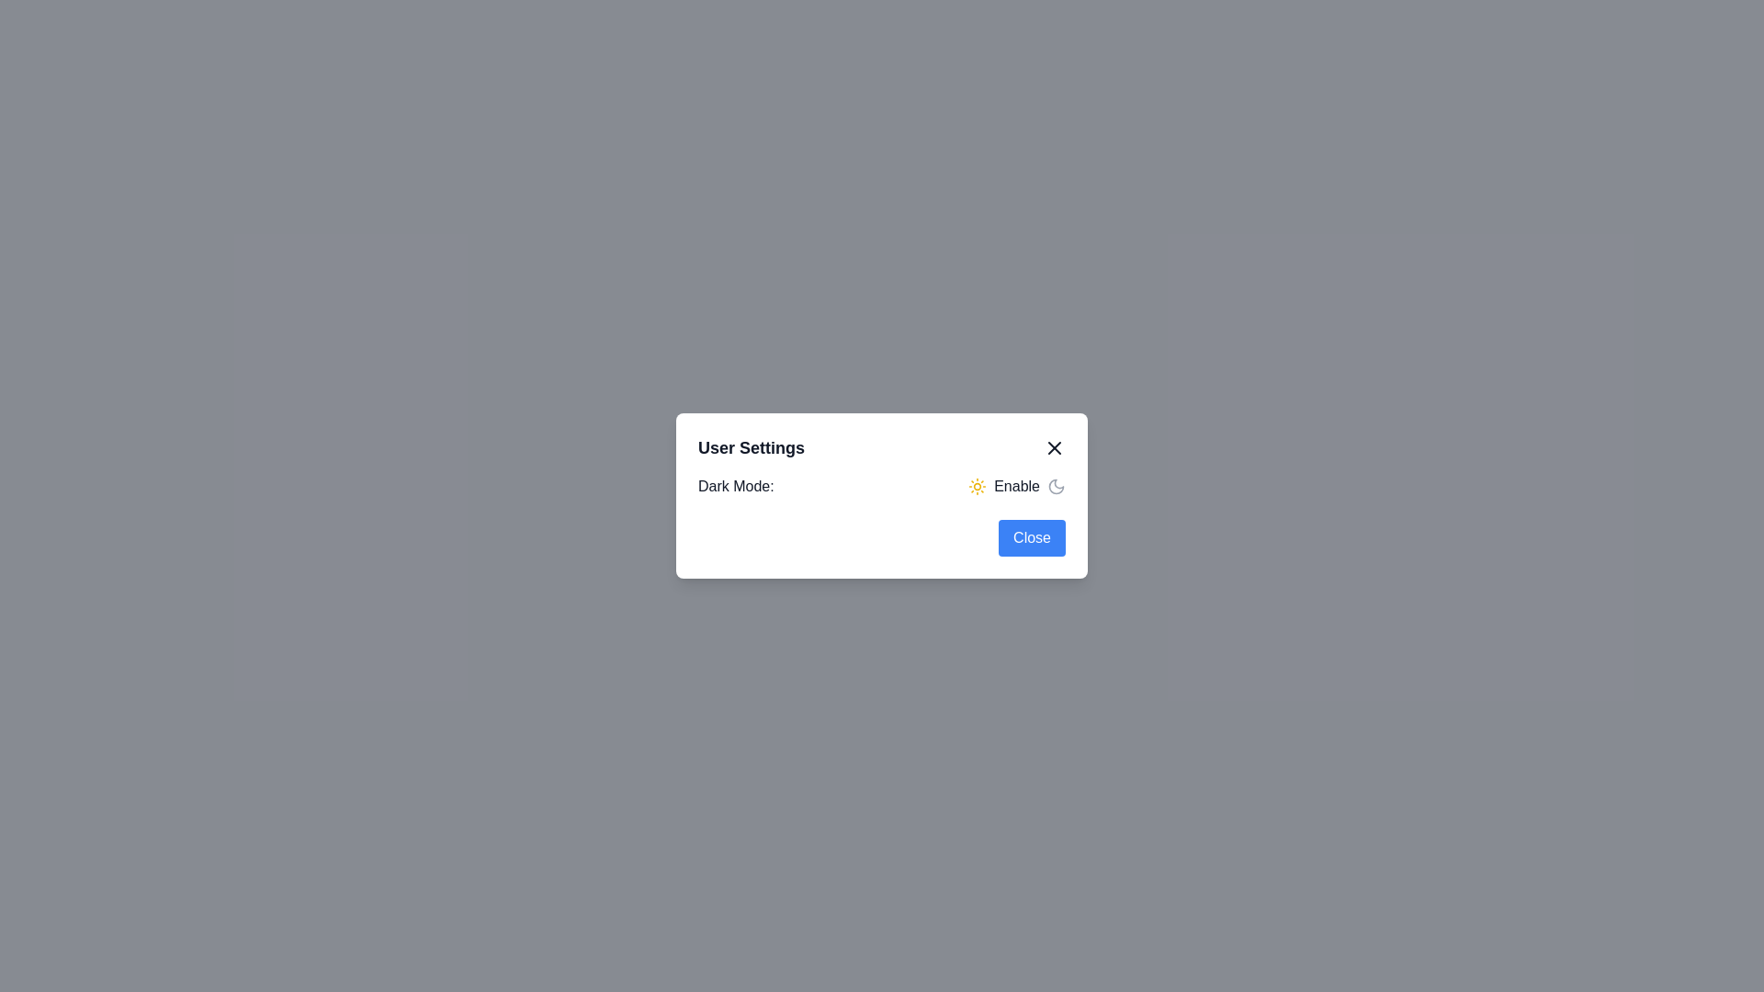 This screenshot has height=992, width=1764. What do you see at coordinates (752, 448) in the screenshot?
I see `the title label at the top-left of the dialog box, which indicates the purpose of the dialog's content` at bounding box center [752, 448].